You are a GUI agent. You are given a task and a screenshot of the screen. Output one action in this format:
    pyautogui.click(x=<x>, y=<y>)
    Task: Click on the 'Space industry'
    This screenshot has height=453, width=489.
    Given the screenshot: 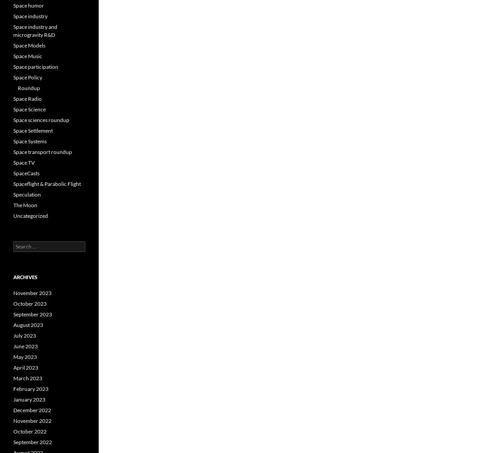 What is the action you would take?
    pyautogui.click(x=30, y=16)
    